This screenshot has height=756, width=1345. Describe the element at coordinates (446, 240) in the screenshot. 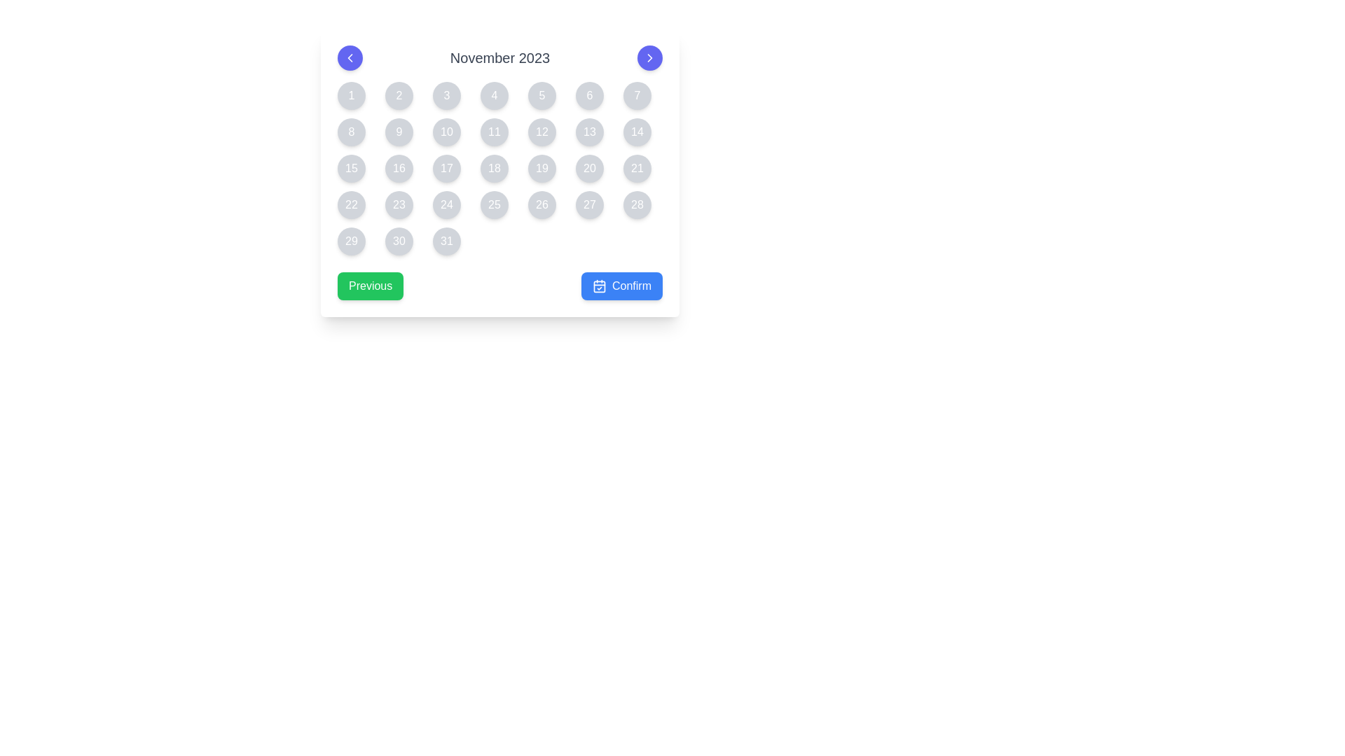

I see `the button representing the date '31' in the bottom-right corner of the calendar grid` at that location.